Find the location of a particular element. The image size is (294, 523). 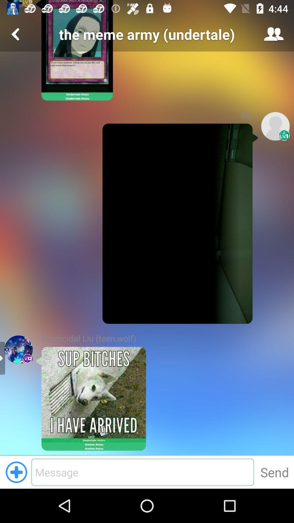

the profile icon at right side is located at coordinates (275, 126).